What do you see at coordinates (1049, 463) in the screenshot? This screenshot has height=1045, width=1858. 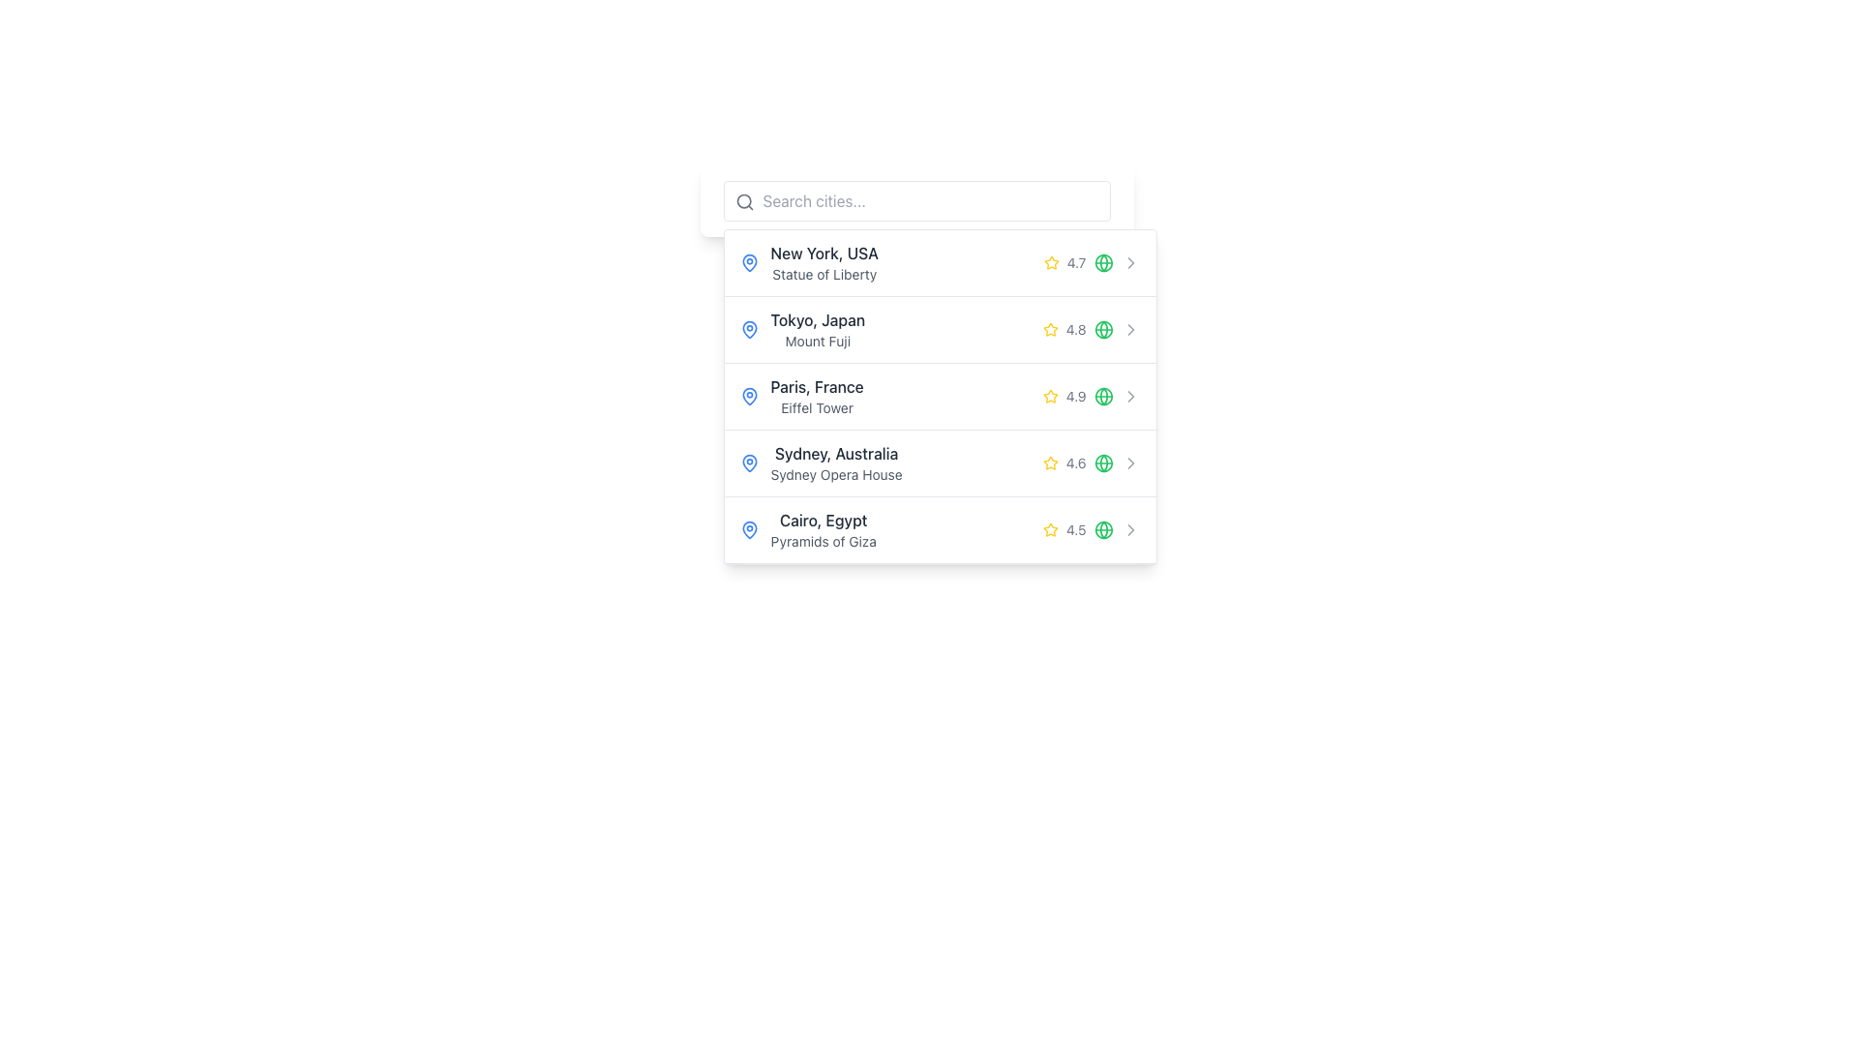 I see `the star icon with a golden-yellow fill located to the left of the rating value '4.6' in the row for 'Sydney, Australia'` at bounding box center [1049, 463].